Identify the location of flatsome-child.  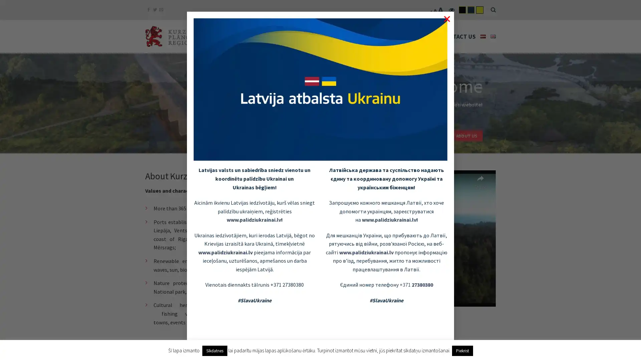
(471, 10).